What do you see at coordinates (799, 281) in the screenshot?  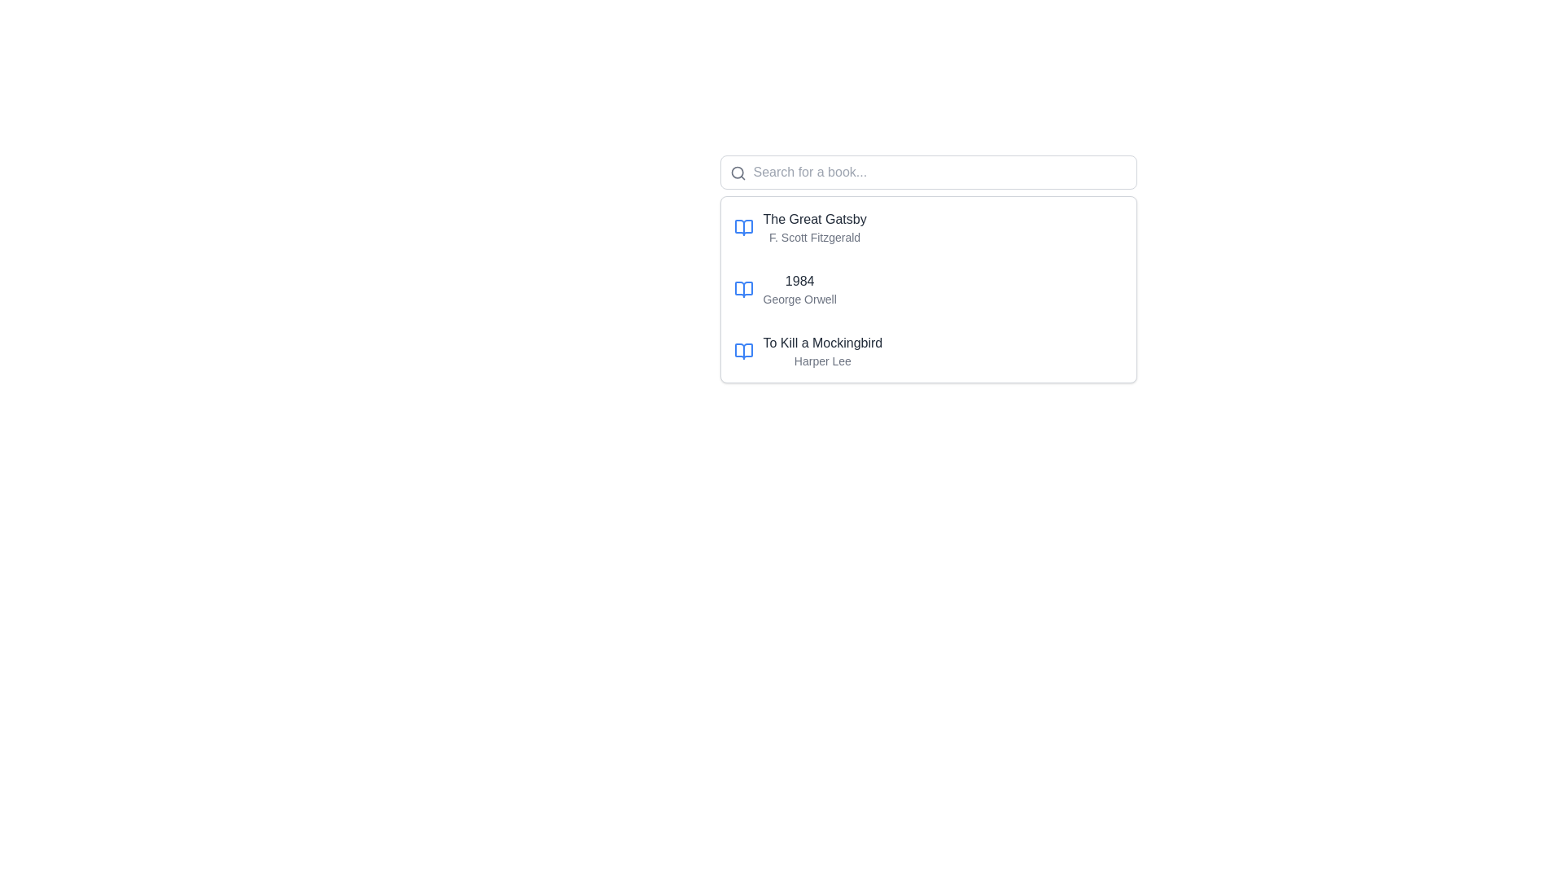 I see `static text label displaying '1984', which is styled in bold black font and positioned above 'George Orwell' in a vertical list of books` at bounding box center [799, 281].